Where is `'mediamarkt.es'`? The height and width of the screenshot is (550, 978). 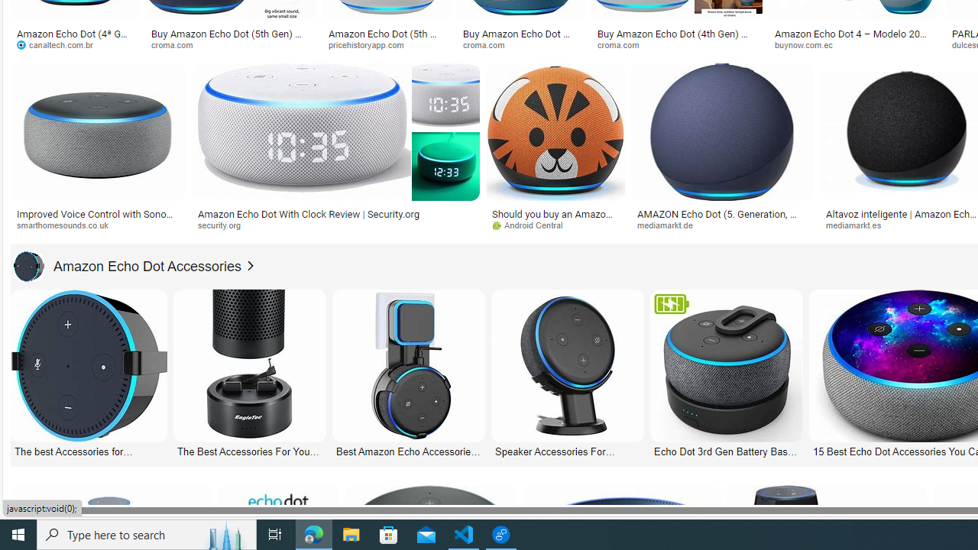 'mediamarkt.es' is located at coordinates (859, 225).